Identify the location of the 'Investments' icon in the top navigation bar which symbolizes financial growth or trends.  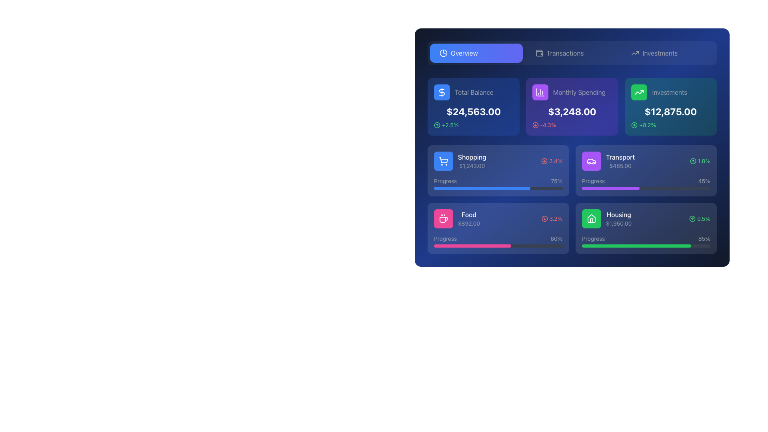
(635, 53).